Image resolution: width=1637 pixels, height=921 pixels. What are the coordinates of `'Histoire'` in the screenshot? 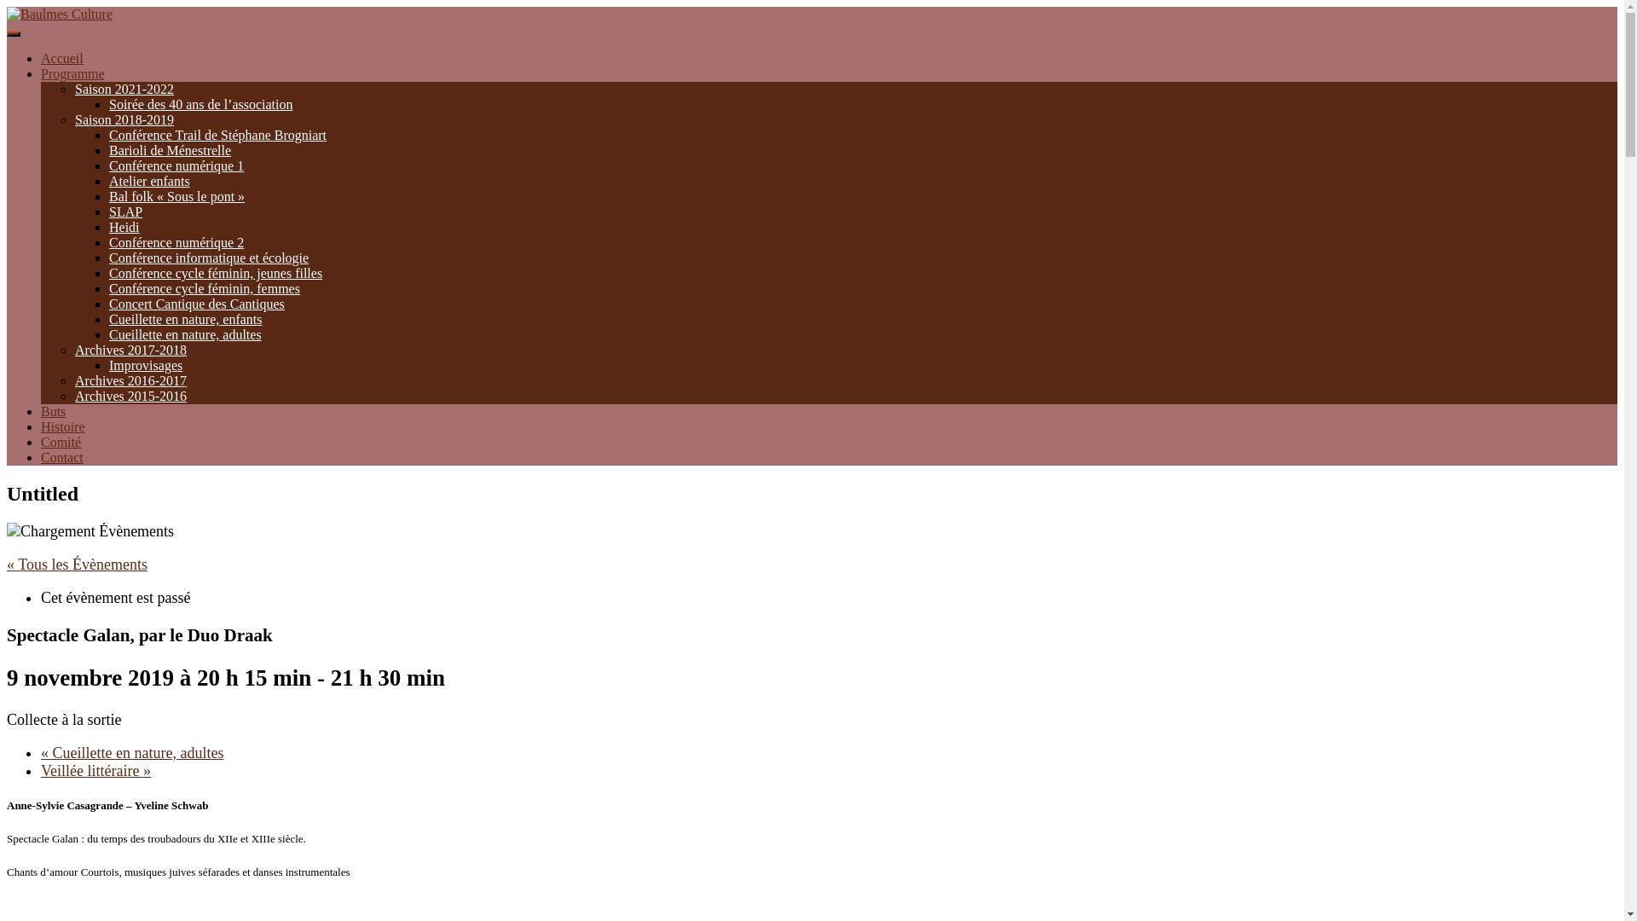 It's located at (62, 426).